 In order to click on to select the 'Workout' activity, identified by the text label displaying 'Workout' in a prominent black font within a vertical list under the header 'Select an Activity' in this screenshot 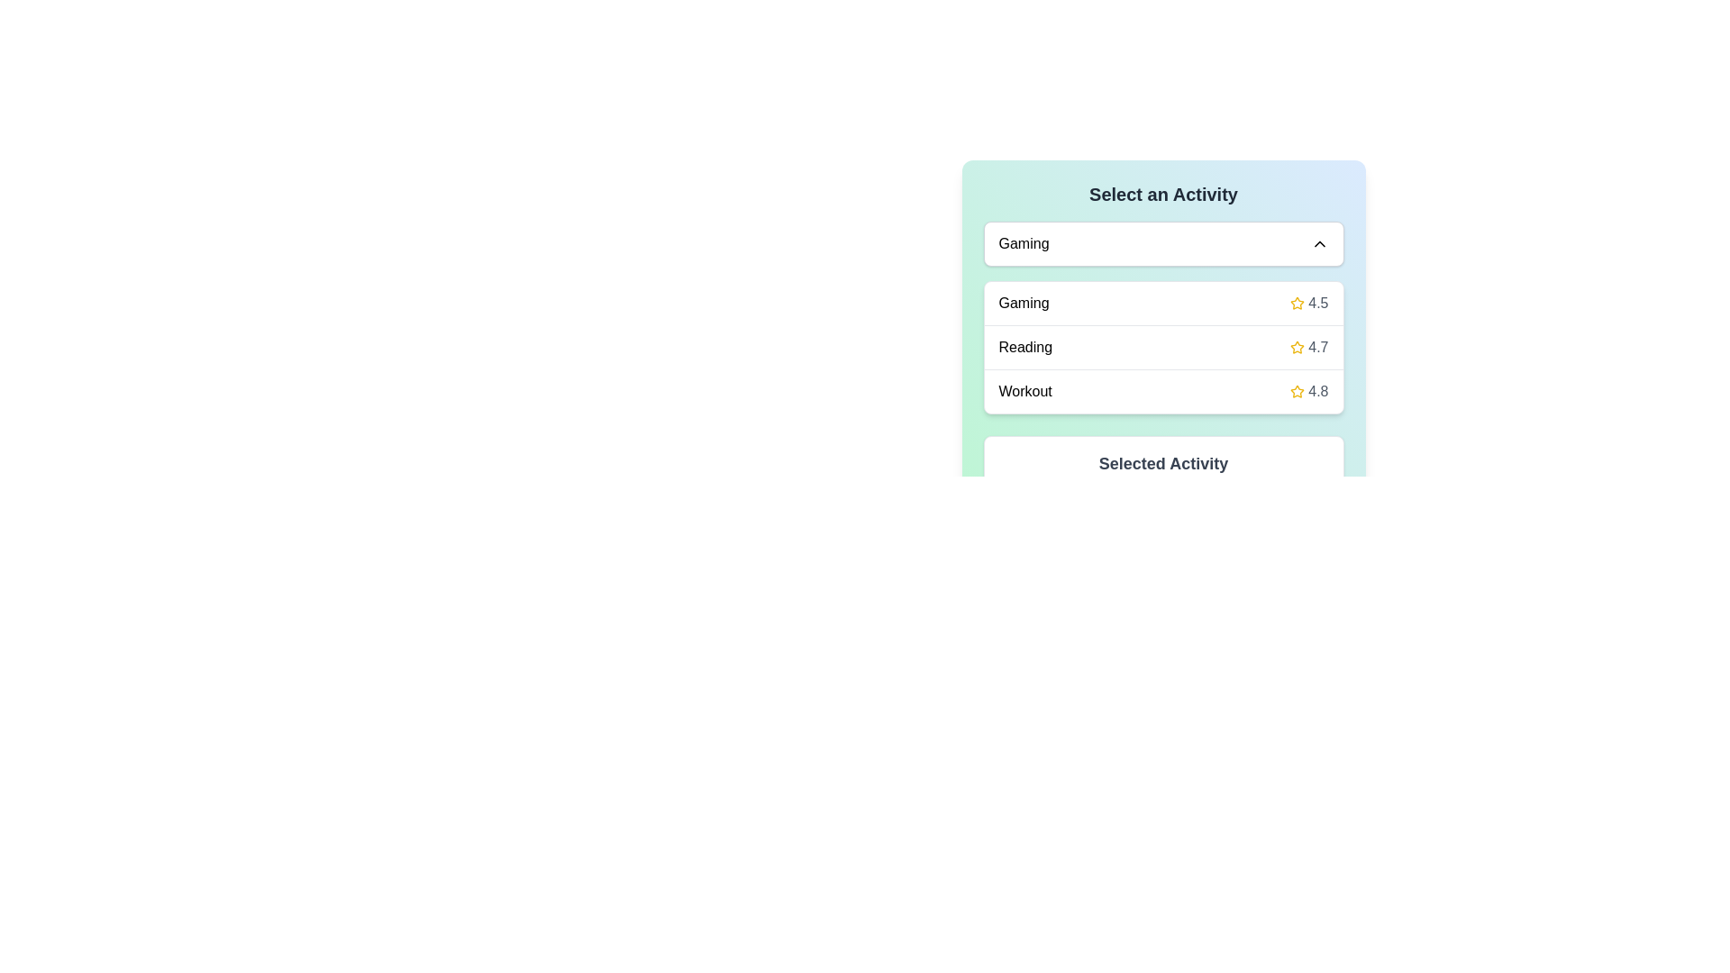, I will do `click(1025, 391)`.